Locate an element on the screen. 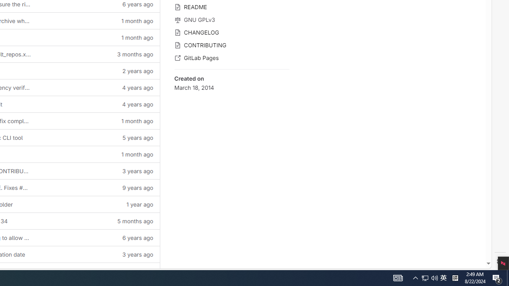  'README' is located at coordinates (231, 6).